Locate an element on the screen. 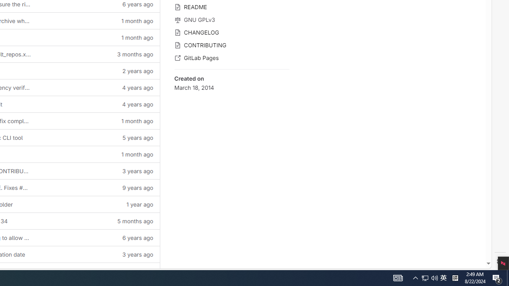  'README' is located at coordinates (231, 6).